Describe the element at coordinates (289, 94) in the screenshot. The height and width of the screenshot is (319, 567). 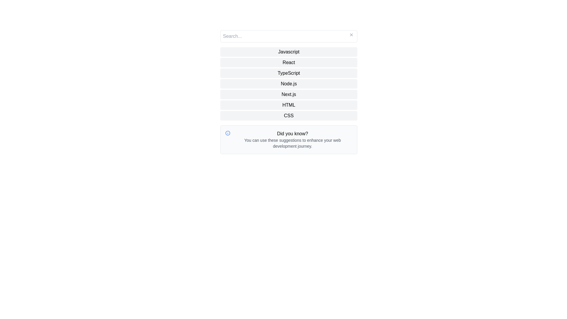
I see `the 'Next.js' label, which is the fifth item in a vertically aligned list` at that location.